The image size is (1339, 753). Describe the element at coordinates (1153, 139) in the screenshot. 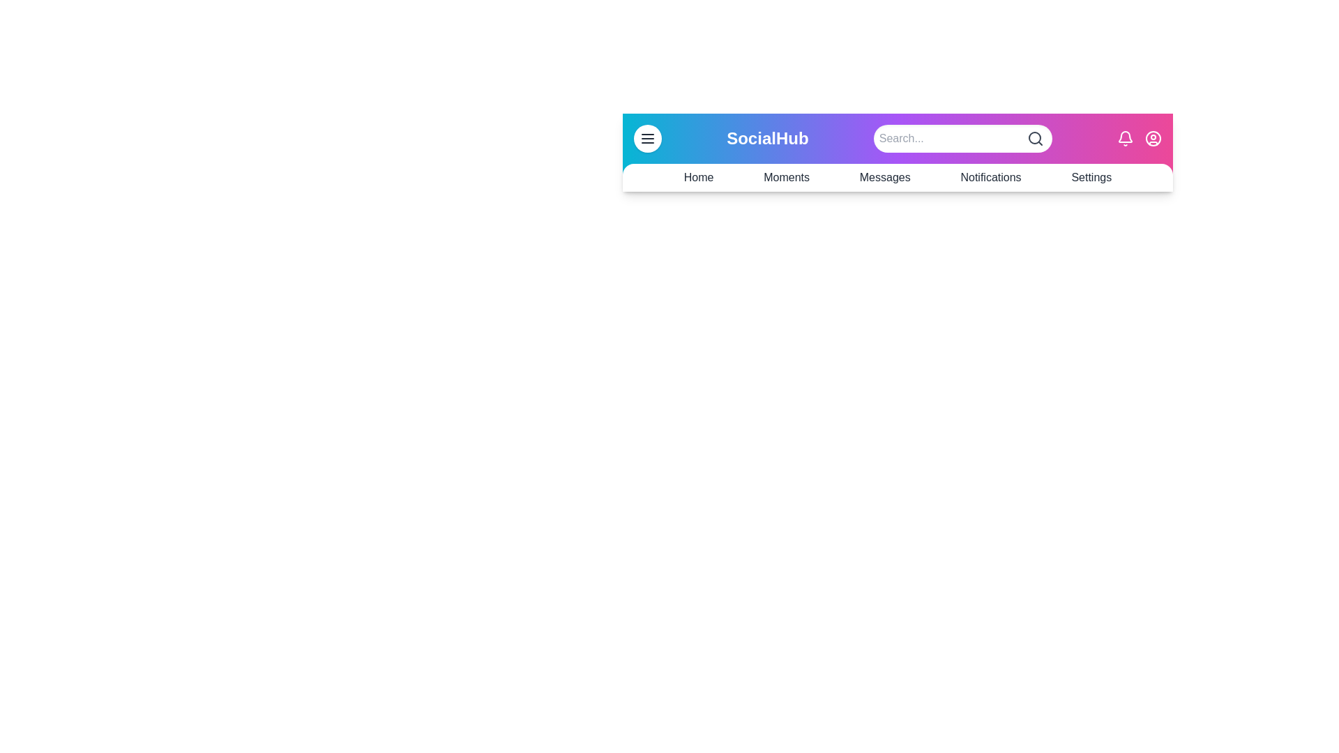

I see `the user profile icon located at the top-right corner of the app bar` at that location.